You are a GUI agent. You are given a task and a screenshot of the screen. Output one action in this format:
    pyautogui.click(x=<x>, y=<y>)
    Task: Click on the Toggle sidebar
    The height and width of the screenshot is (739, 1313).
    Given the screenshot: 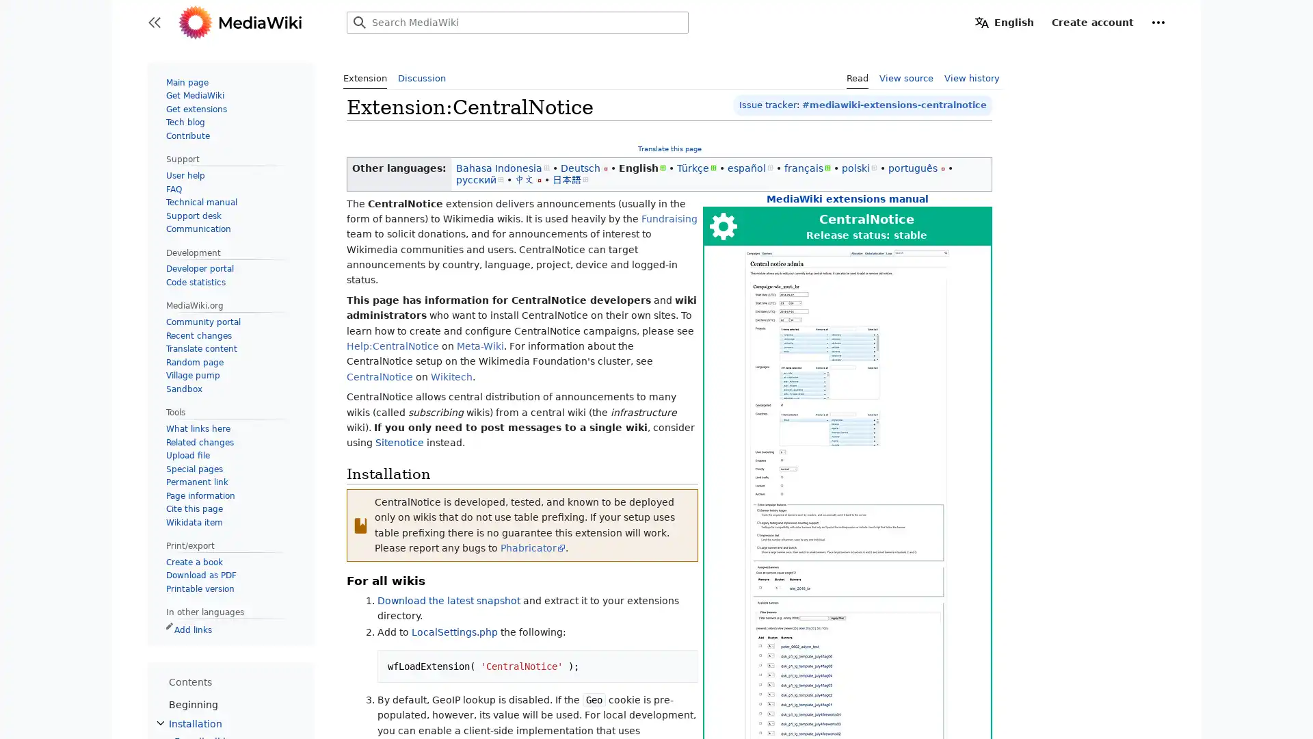 What is the action you would take?
    pyautogui.click(x=154, y=23)
    